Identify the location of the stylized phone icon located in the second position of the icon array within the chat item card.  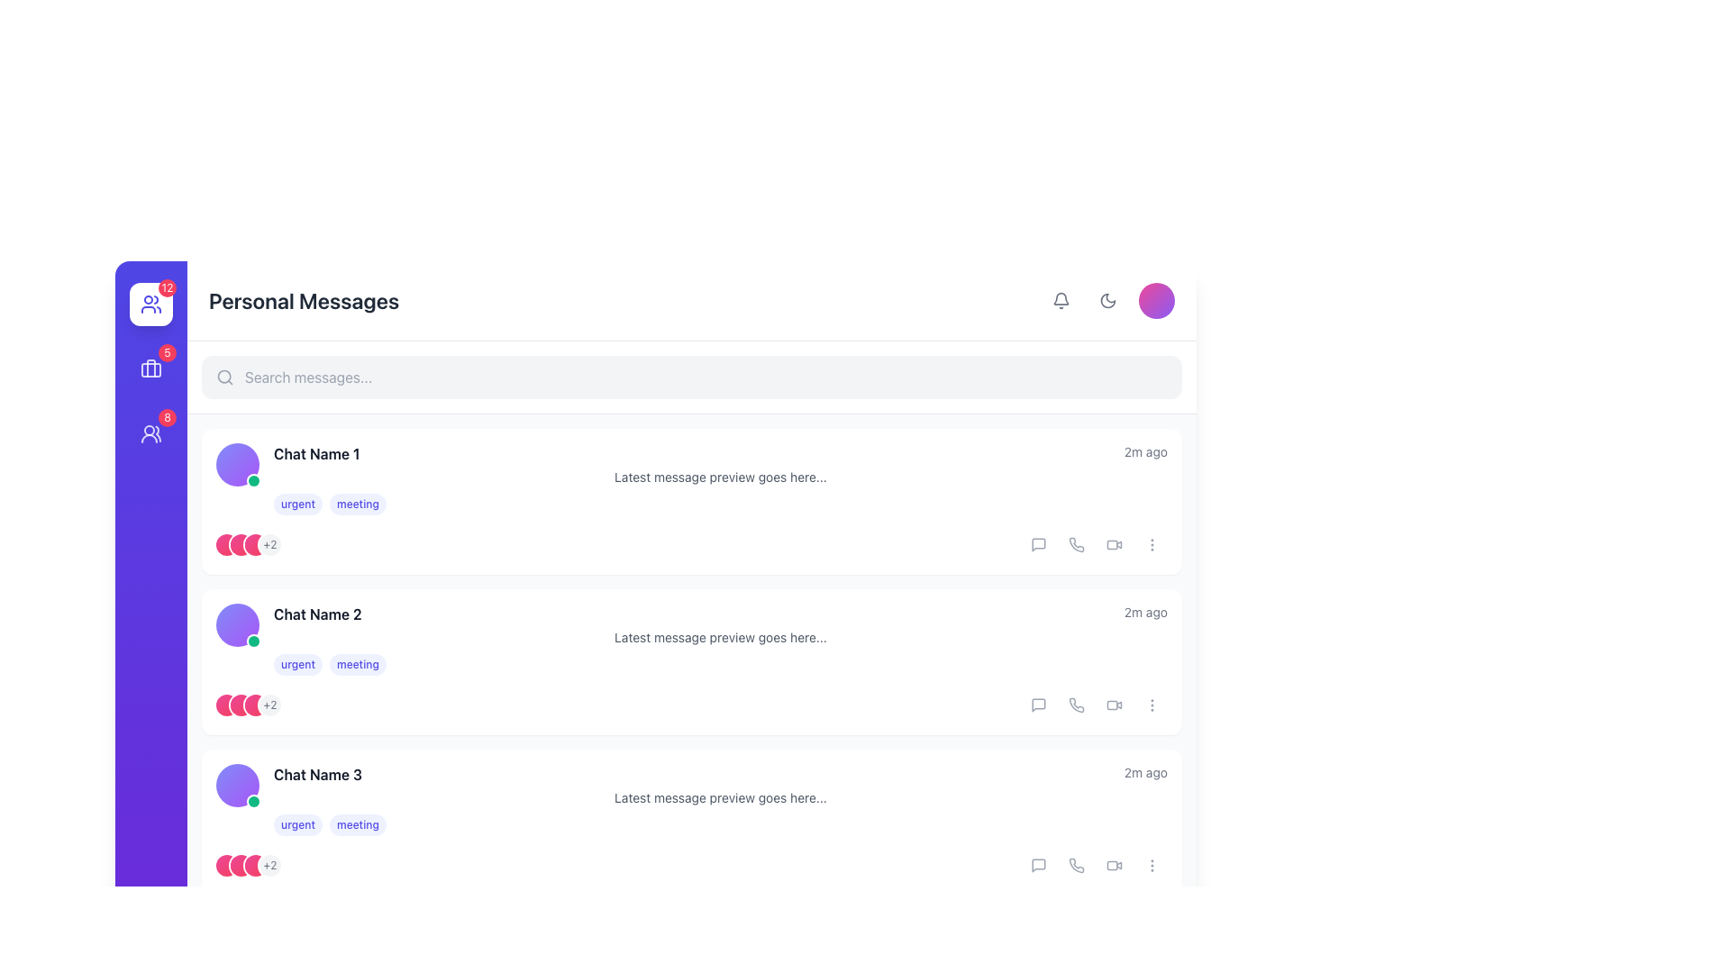
(1077, 864).